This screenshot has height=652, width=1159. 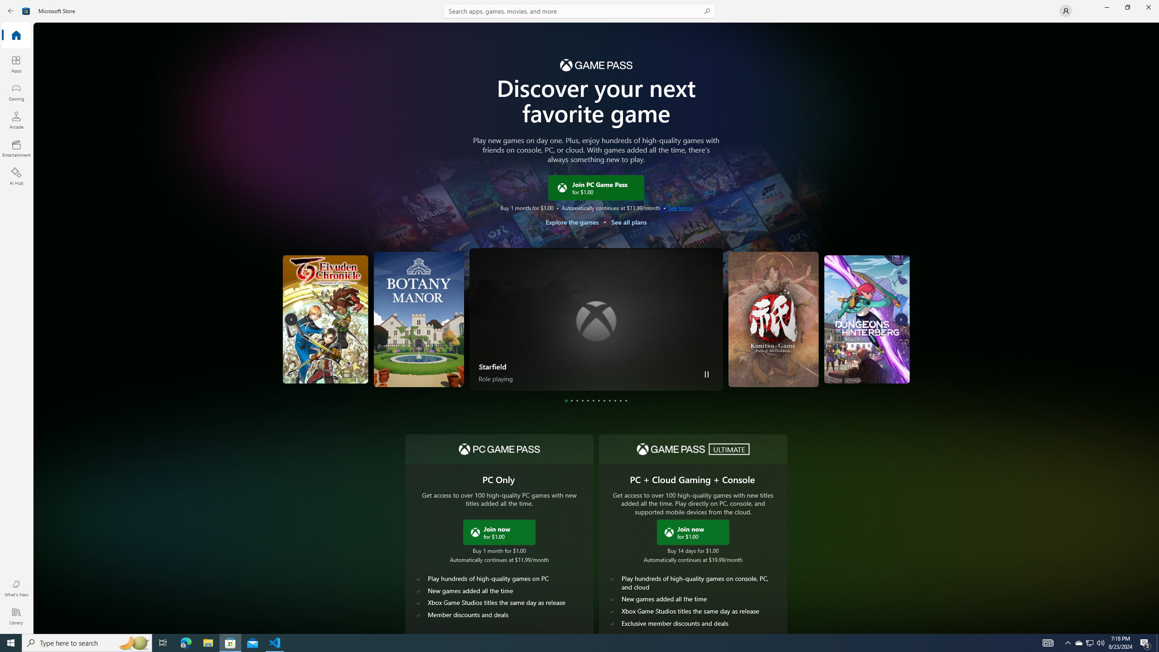 I want to click on 'Search', so click(x=579, y=10).